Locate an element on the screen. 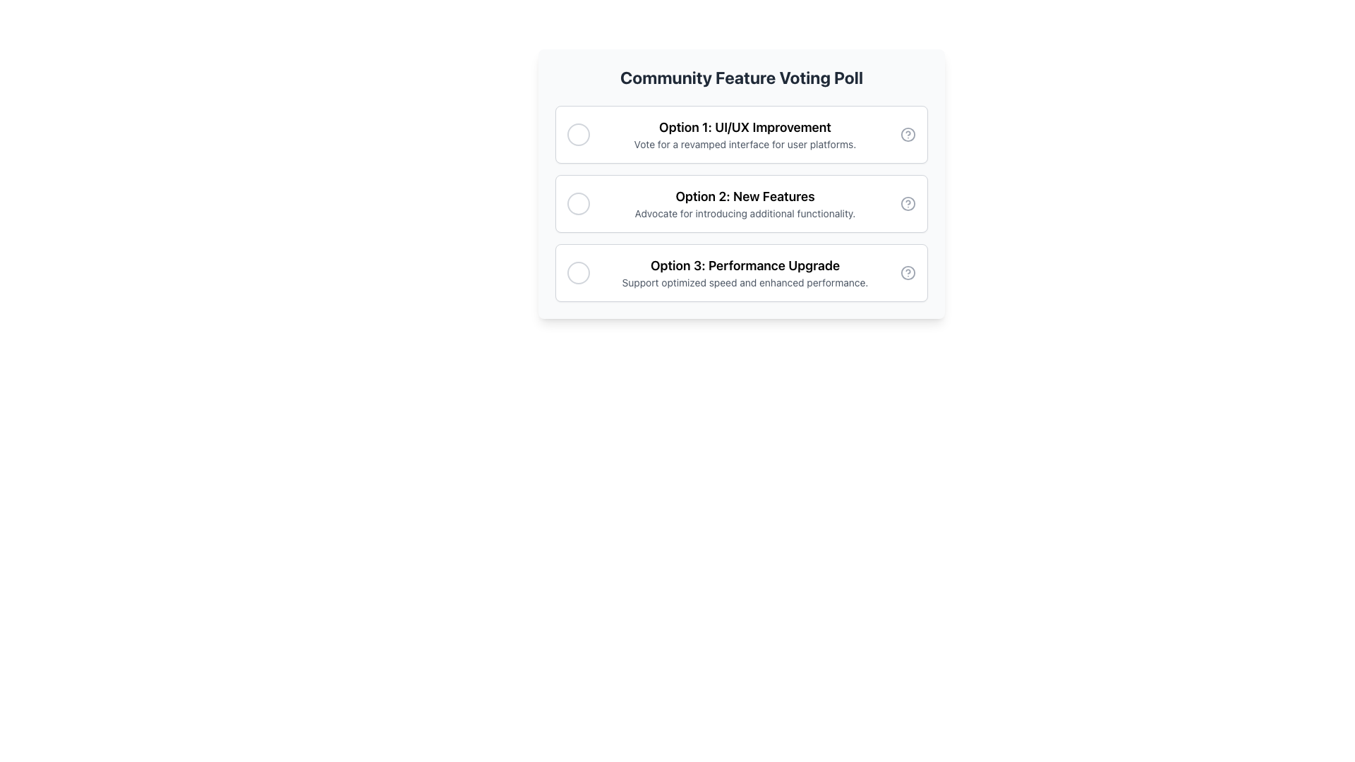 The width and height of the screenshot is (1355, 762). the leftmost radio button of the first option card ('Option 1: UI/UX Improvement') in the voting poll is located at coordinates (579, 135).